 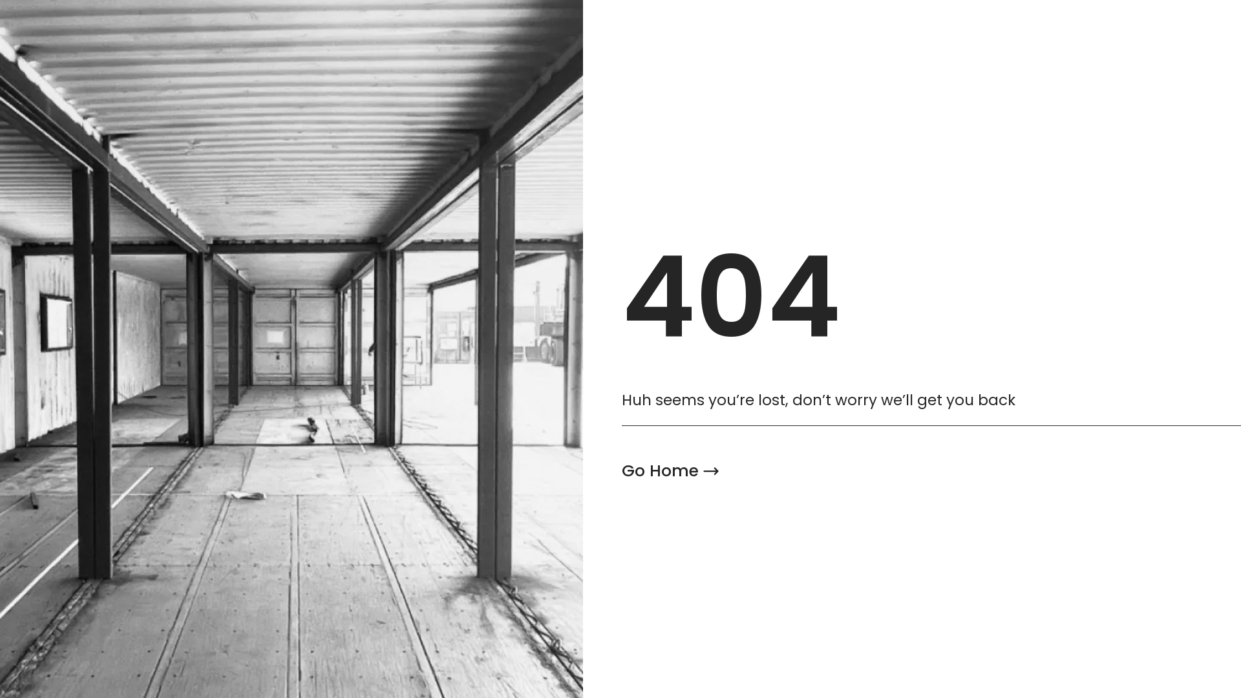 What do you see at coordinates (670, 471) in the screenshot?
I see `'Go Home'` at bounding box center [670, 471].